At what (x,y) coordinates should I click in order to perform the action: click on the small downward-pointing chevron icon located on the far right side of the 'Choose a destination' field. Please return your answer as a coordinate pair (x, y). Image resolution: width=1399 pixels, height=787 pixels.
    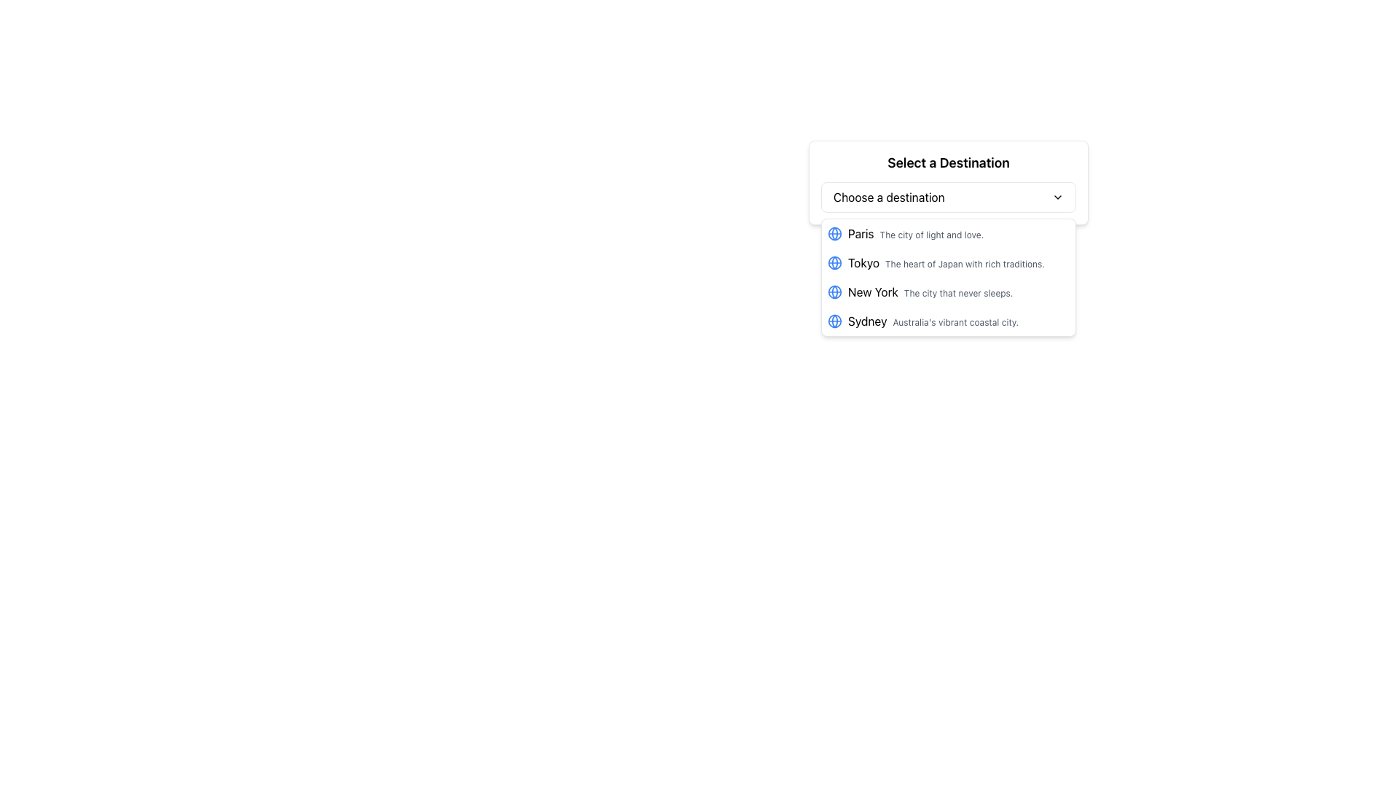
    Looking at the image, I should click on (1057, 197).